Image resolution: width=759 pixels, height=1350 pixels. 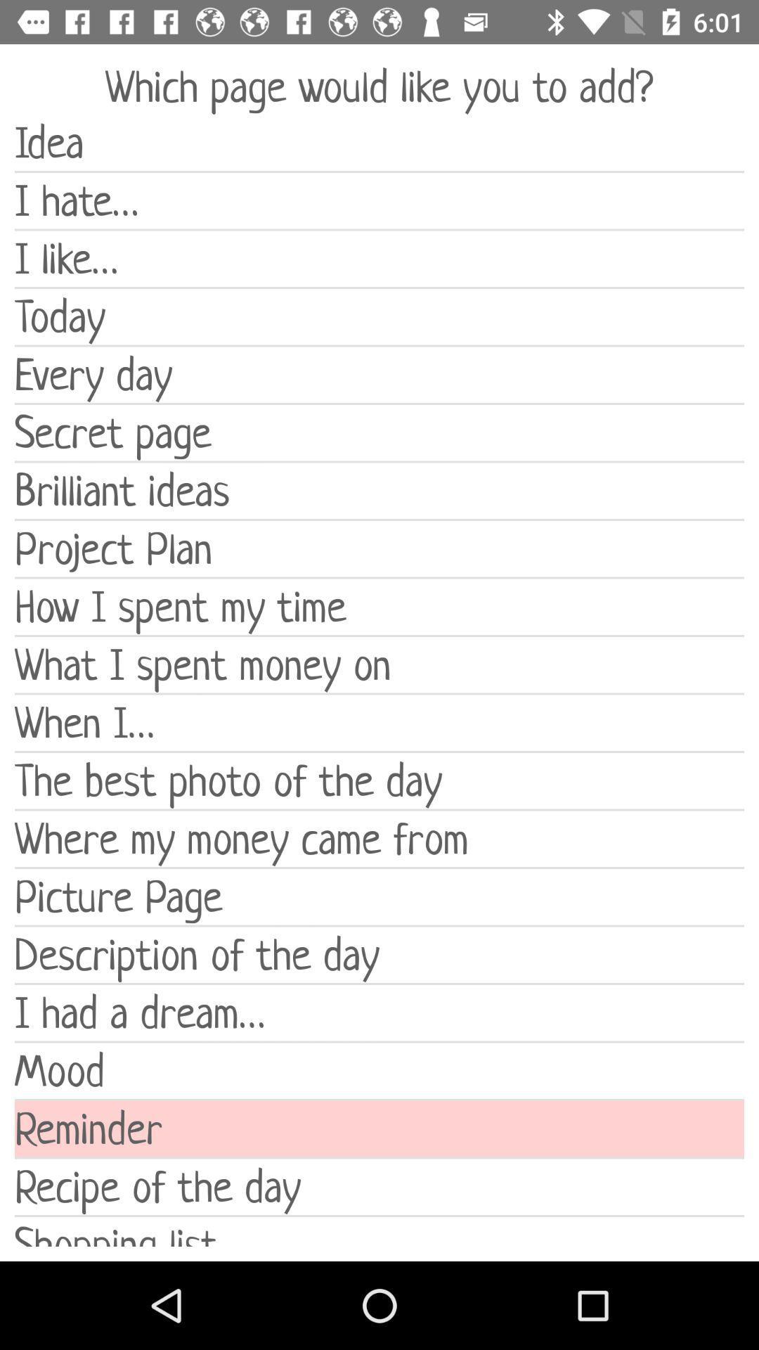 I want to click on icon above the today, so click(x=379, y=259).